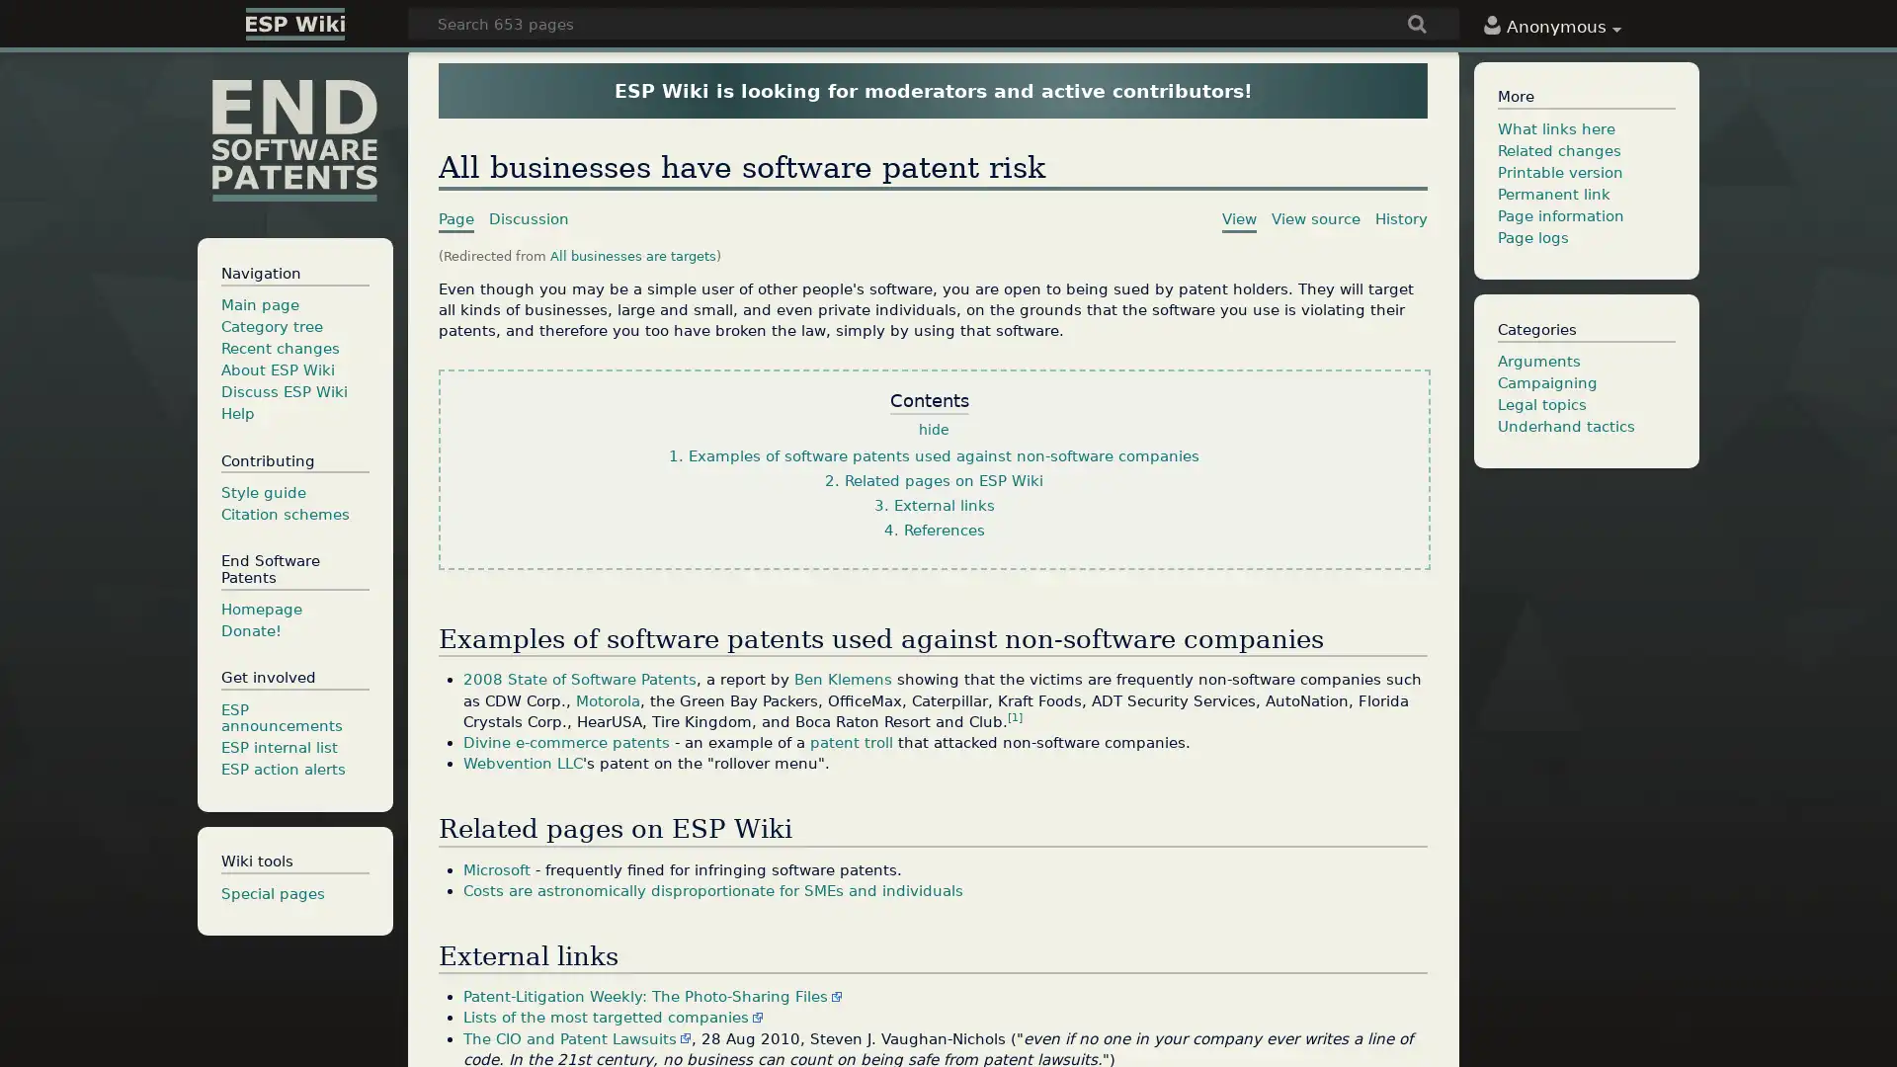 Image resolution: width=1897 pixels, height=1067 pixels. Describe the element at coordinates (1417, 26) in the screenshot. I see `Go` at that location.